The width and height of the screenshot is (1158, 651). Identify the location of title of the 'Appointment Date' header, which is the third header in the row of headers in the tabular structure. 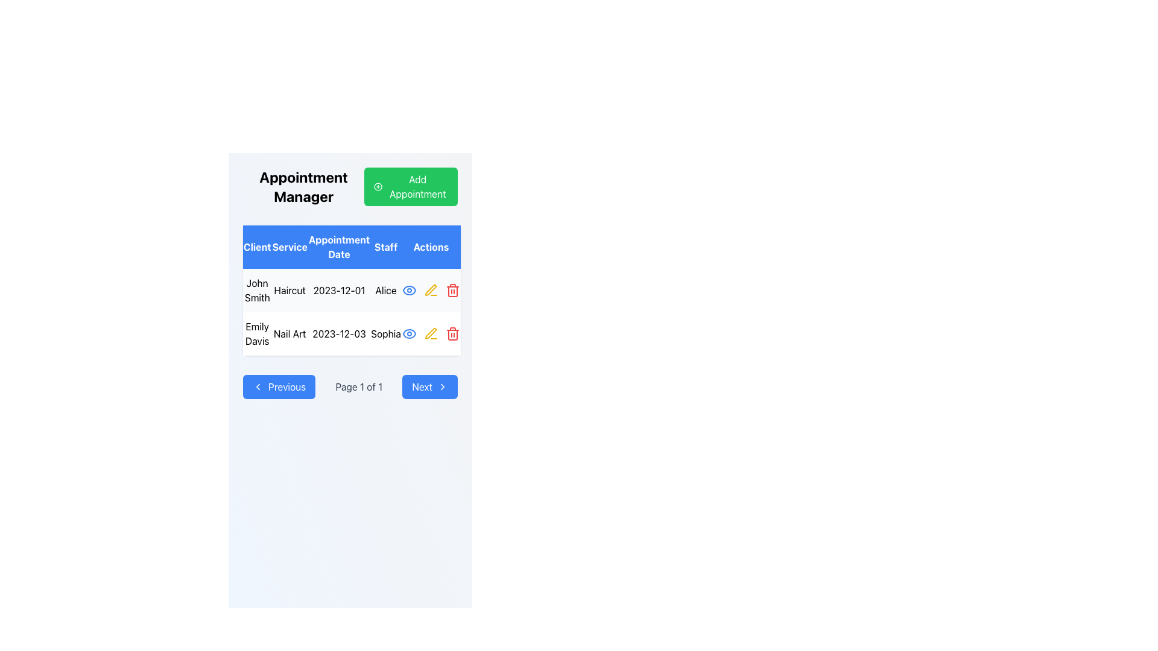
(338, 246).